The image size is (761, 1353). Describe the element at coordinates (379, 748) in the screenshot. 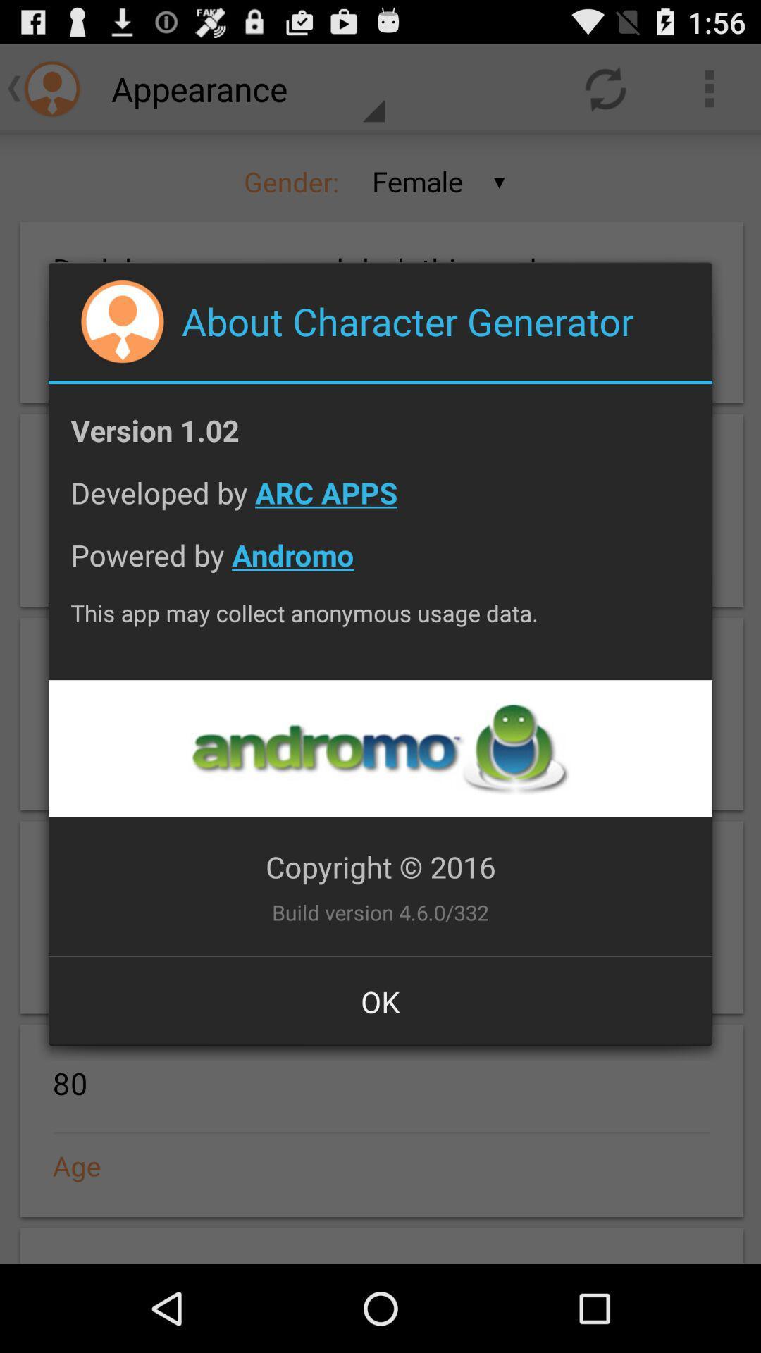

I see `andromo page` at that location.